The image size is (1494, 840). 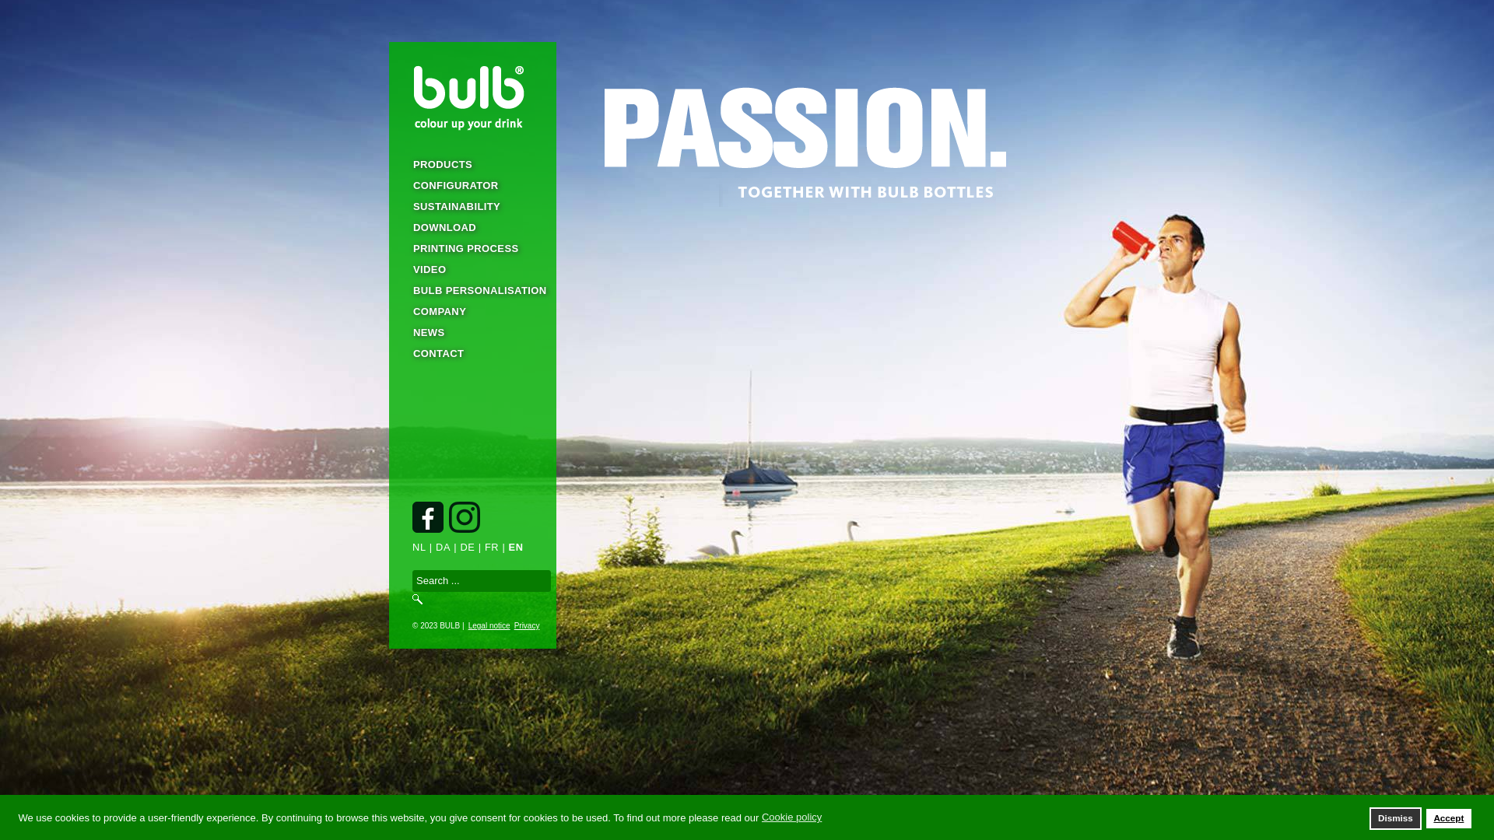 I want to click on '1', so click(x=723, y=812).